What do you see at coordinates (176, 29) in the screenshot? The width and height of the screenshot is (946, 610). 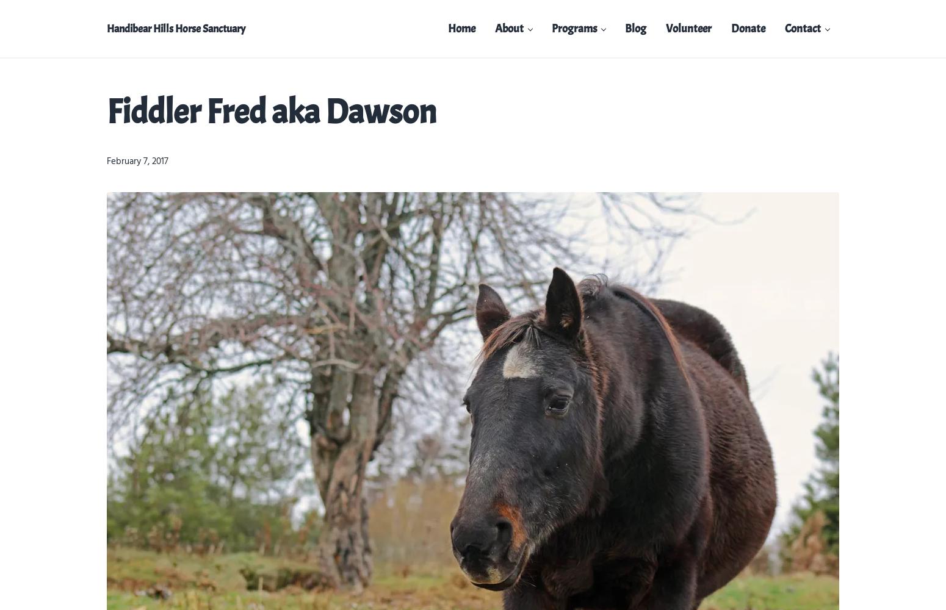 I see `'Handibear Hills Horse Sanctuary'` at bounding box center [176, 29].